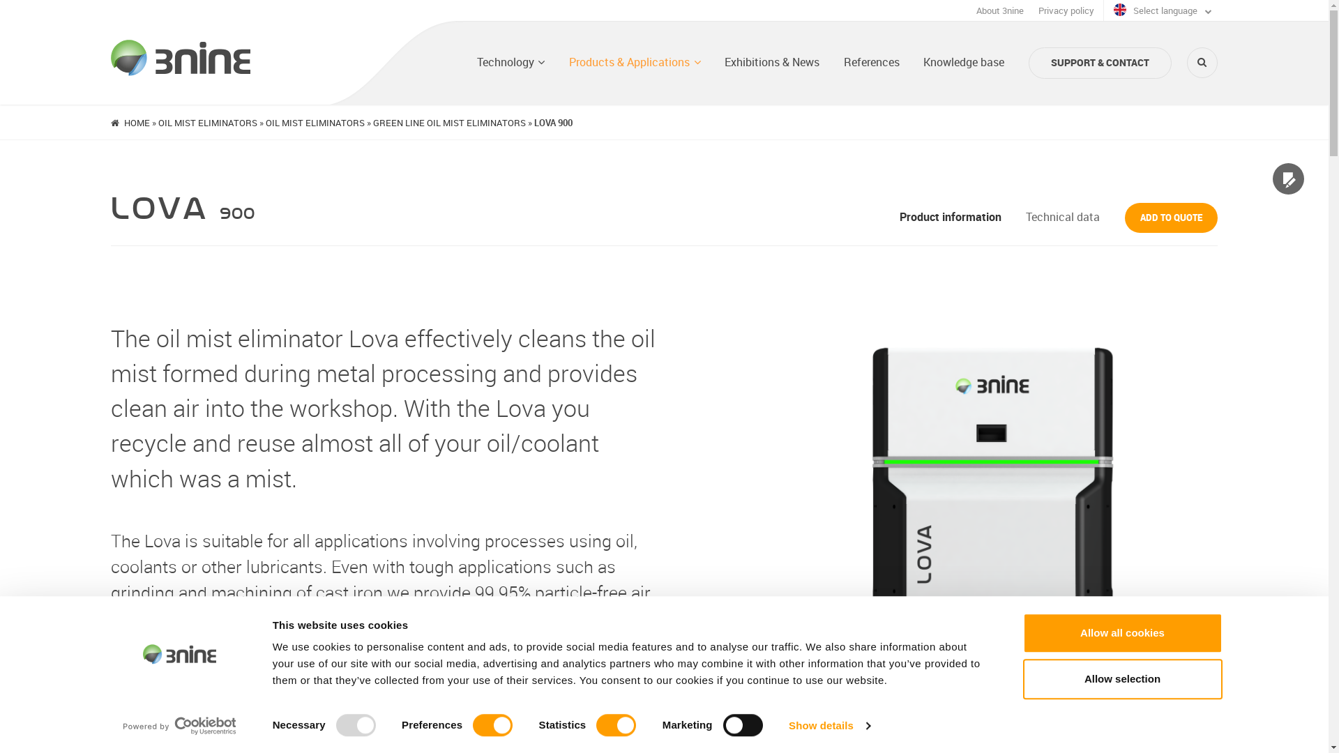 This screenshot has width=1339, height=753. I want to click on 'GREEN LINE OIL MIST ELIMINATORS', so click(449, 121).